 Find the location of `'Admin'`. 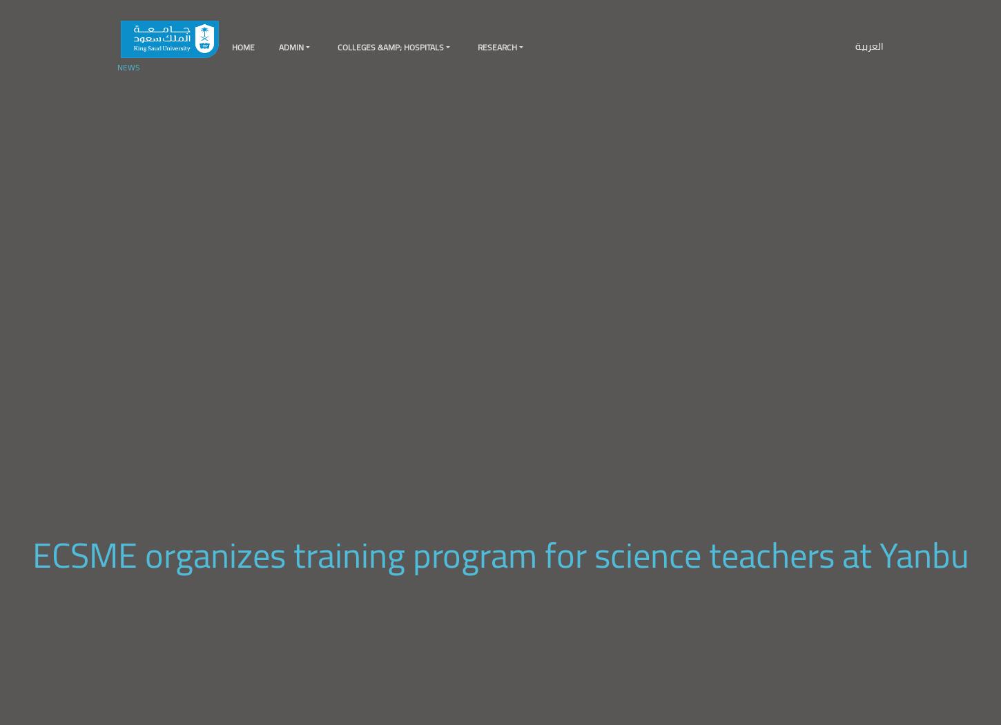

'Admin' is located at coordinates (290, 46).